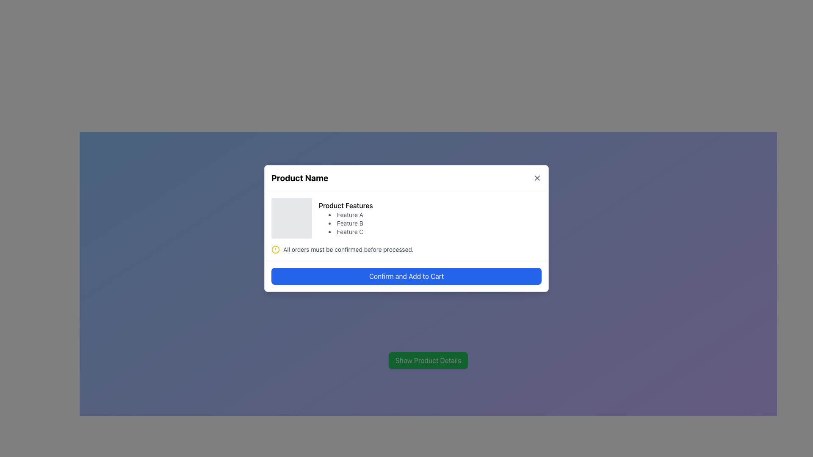 Image resolution: width=813 pixels, height=457 pixels. What do you see at coordinates (406, 276) in the screenshot?
I see `the 'Confirm and Add to Cart' button, which is a blue rectangular button with white text, located at the bottom of the dialog box` at bounding box center [406, 276].